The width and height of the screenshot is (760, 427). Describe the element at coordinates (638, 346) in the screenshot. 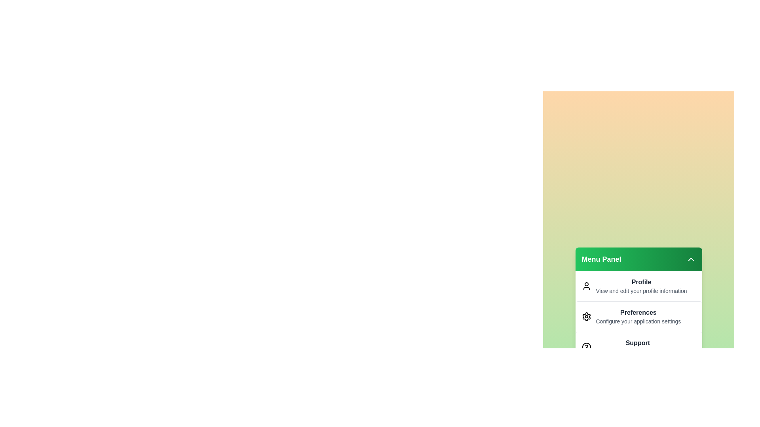

I see `the menu item Support` at that location.